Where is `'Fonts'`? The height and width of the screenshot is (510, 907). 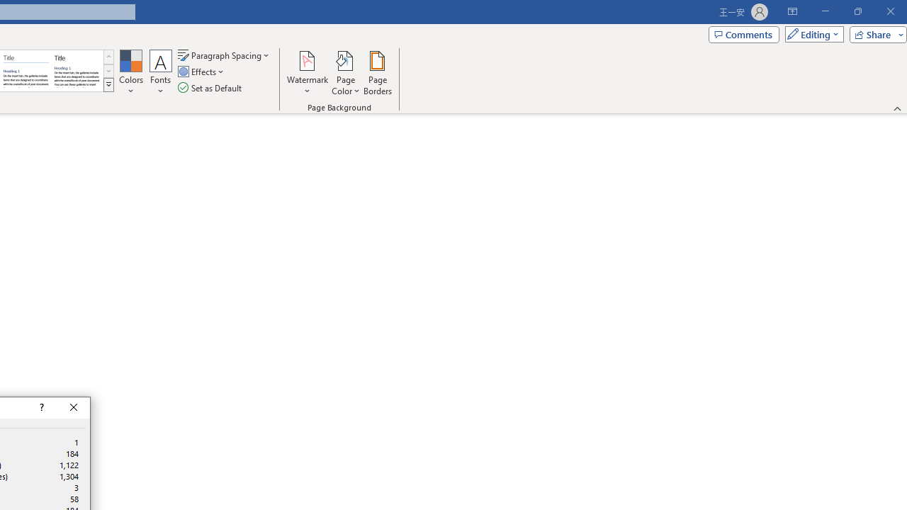 'Fonts' is located at coordinates (161, 73).